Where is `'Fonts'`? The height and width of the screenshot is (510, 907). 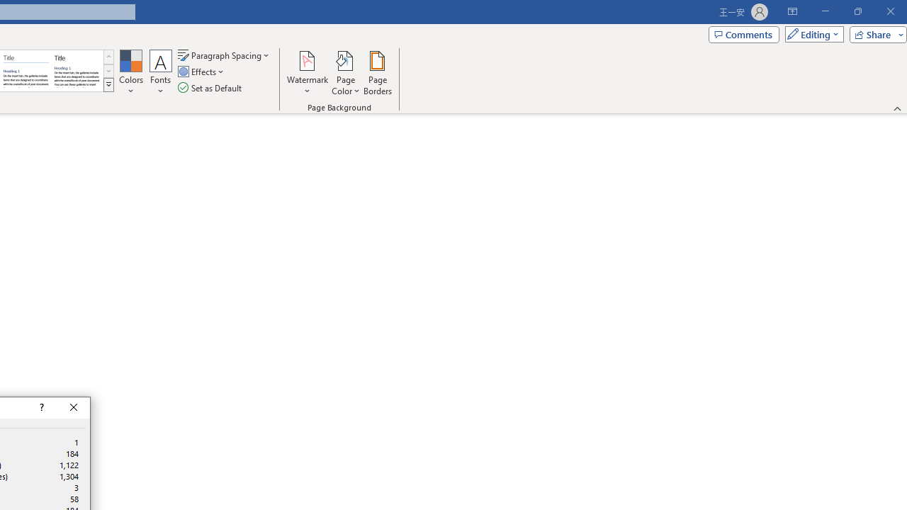 'Fonts' is located at coordinates (161, 73).